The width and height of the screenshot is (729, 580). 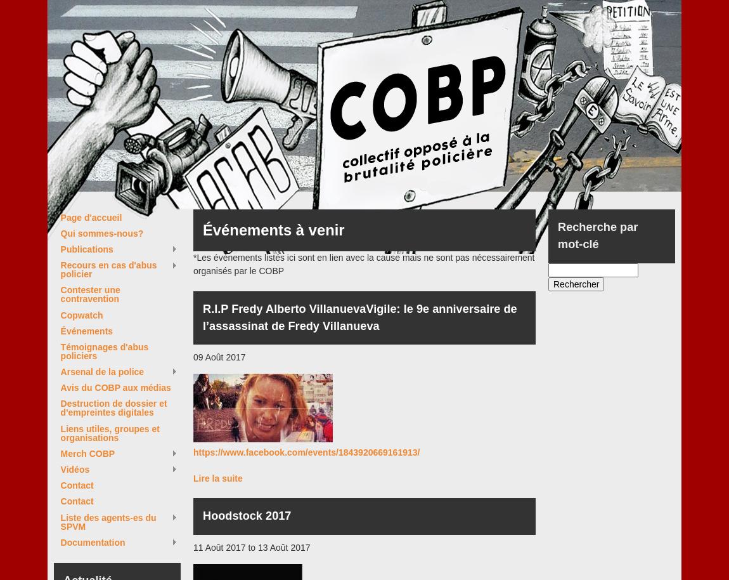 What do you see at coordinates (247, 515) in the screenshot?
I see `'Hoodstock 2017'` at bounding box center [247, 515].